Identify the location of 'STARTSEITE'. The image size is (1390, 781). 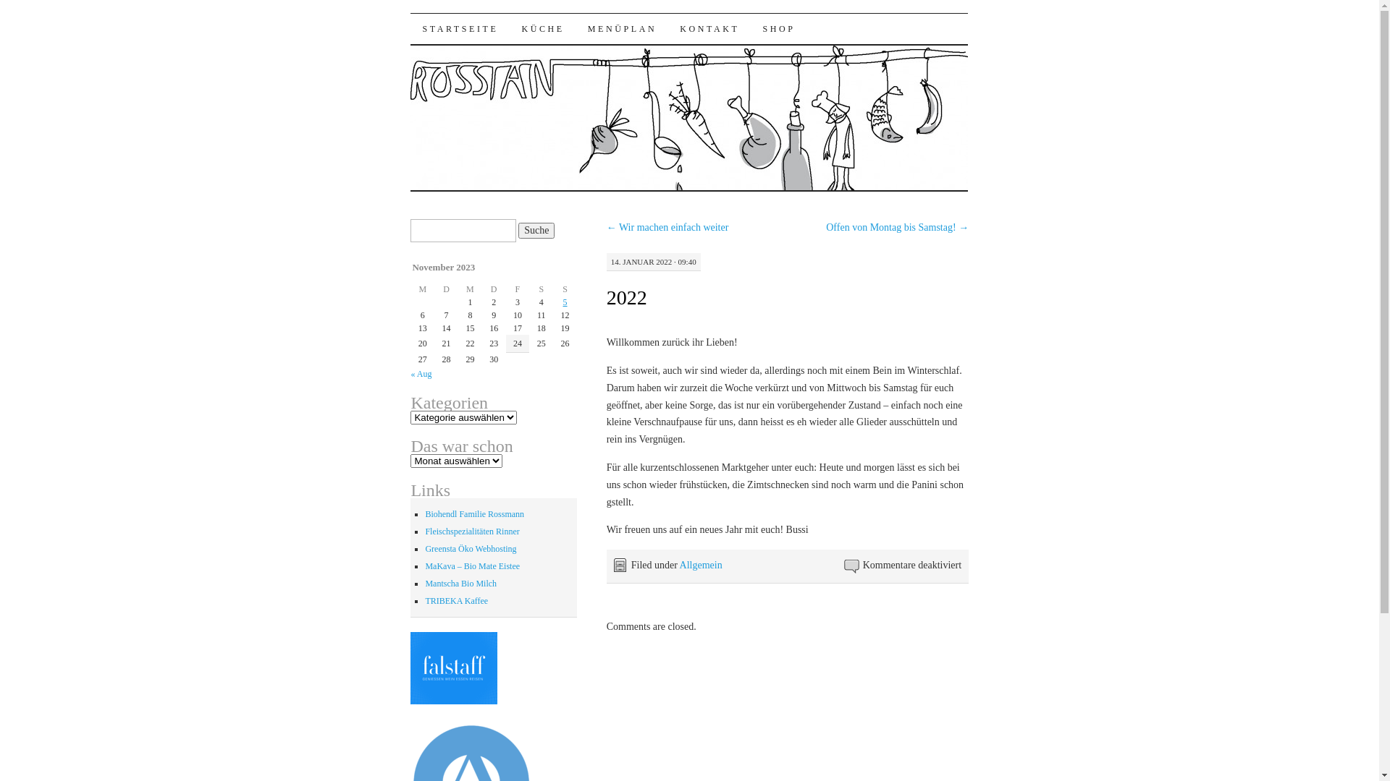
(459, 28).